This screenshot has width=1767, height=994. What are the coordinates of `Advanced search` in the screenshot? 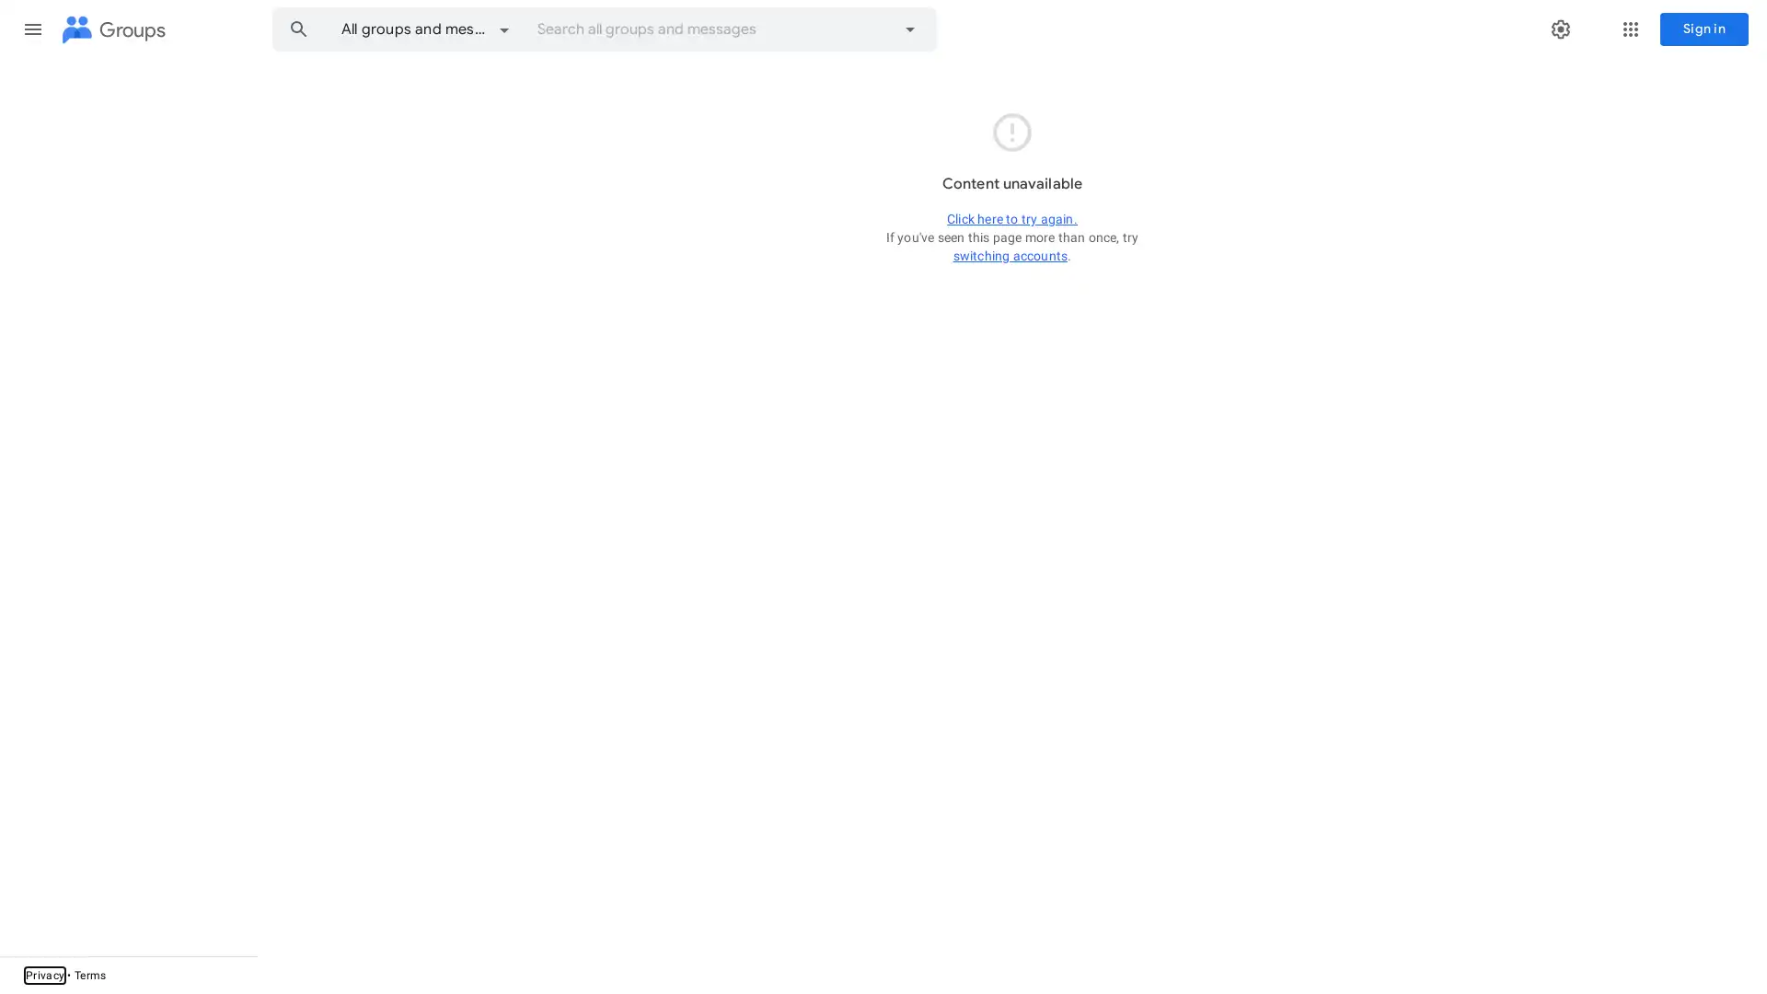 It's located at (909, 29).